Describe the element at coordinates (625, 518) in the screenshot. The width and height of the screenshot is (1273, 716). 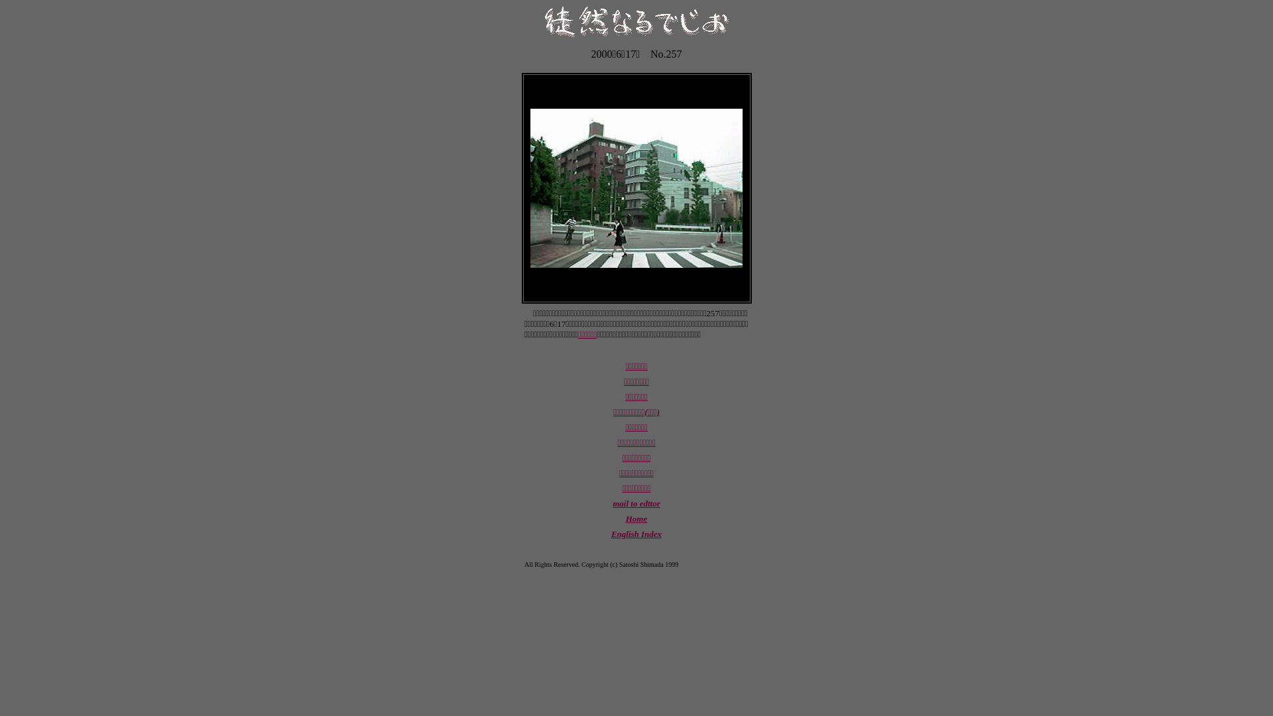
I see `'Home'` at that location.